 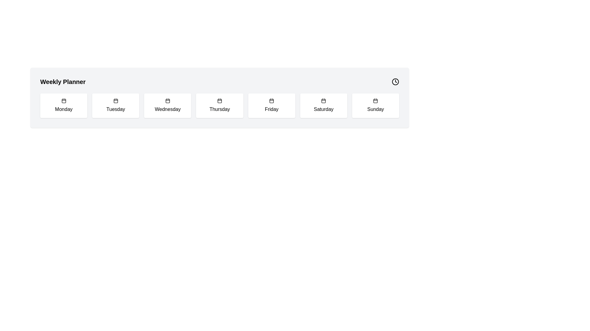 I want to click on the Saturday calendar icon, which is a small rectangular icon with rounded corners highlighted in red, so click(x=323, y=101).